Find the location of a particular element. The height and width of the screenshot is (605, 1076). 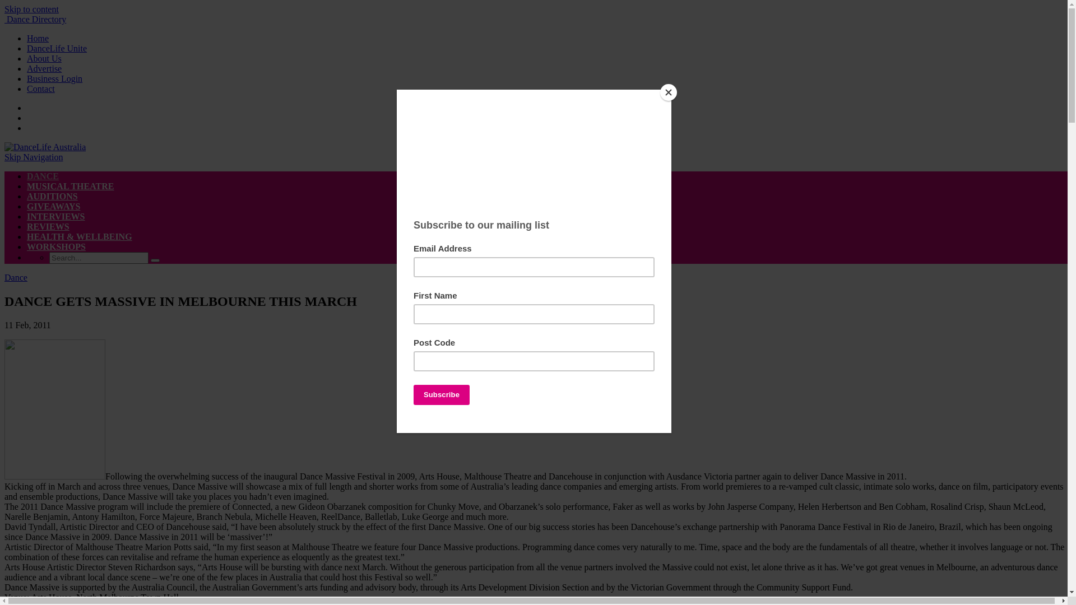

'AUDITIONS' is located at coordinates (52, 196).